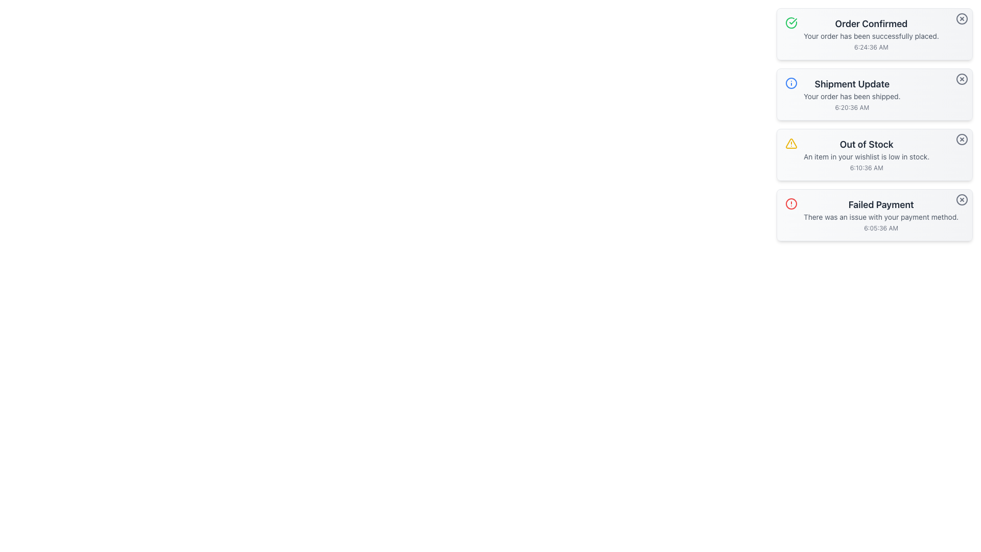 The image size is (981, 552). Describe the element at coordinates (791, 203) in the screenshot. I see `the warning icon in the 'Failed Payment' notification card, located on the left side before the text content` at that location.